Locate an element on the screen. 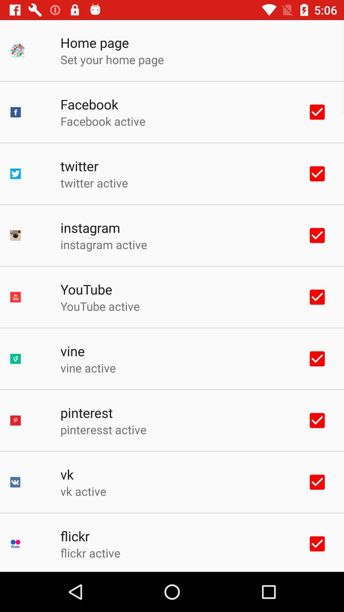 The width and height of the screenshot is (344, 612). the youtube active is located at coordinates (100, 306).